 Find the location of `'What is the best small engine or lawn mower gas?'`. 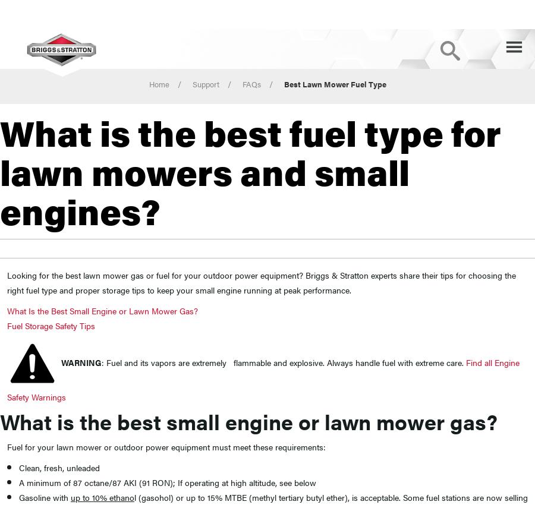

'What is the best small engine or lawn mower gas?' is located at coordinates (248, 420).